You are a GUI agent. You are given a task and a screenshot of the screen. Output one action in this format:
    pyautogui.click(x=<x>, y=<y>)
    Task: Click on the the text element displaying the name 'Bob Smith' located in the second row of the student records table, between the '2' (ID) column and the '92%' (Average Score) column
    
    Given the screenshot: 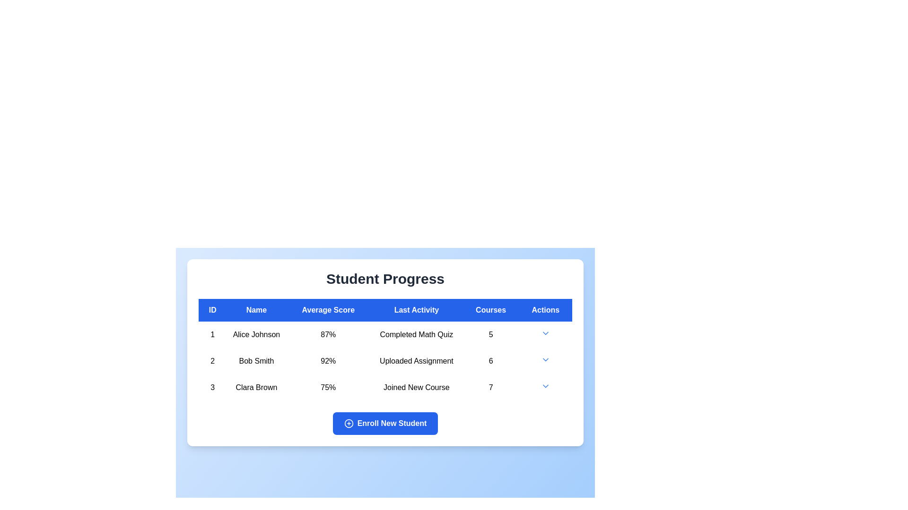 What is the action you would take?
    pyautogui.click(x=256, y=361)
    